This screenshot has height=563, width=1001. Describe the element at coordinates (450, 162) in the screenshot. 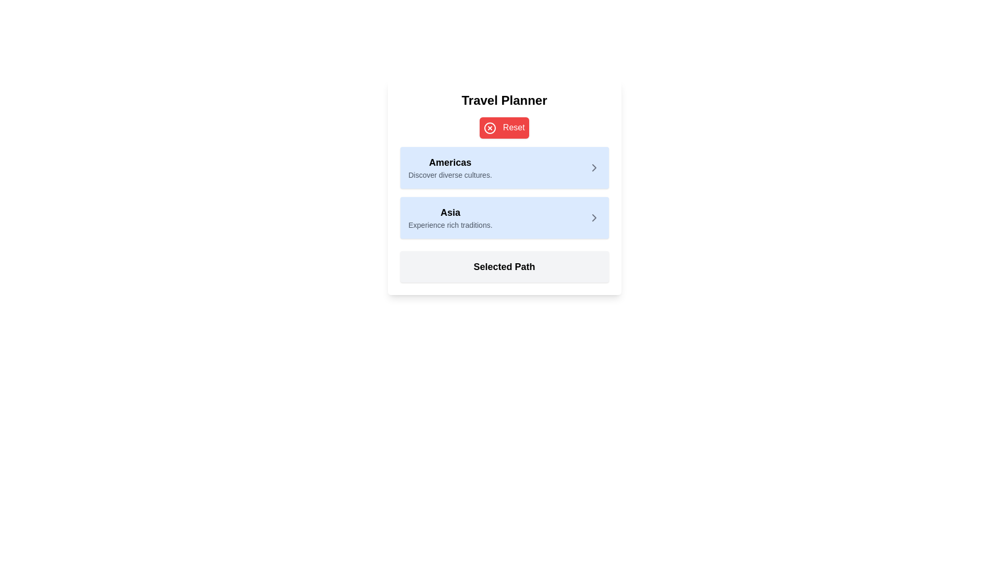

I see `the styled text label 'Americas', which is a bold, large font title located in a light blue section above the text 'Discover diverse cultures'` at that location.